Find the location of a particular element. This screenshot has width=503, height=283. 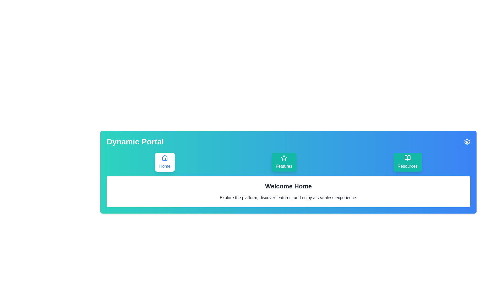

the second button in the horizontally-aligned button group located in the 'Dynamic Portal' section is located at coordinates (288, 162).